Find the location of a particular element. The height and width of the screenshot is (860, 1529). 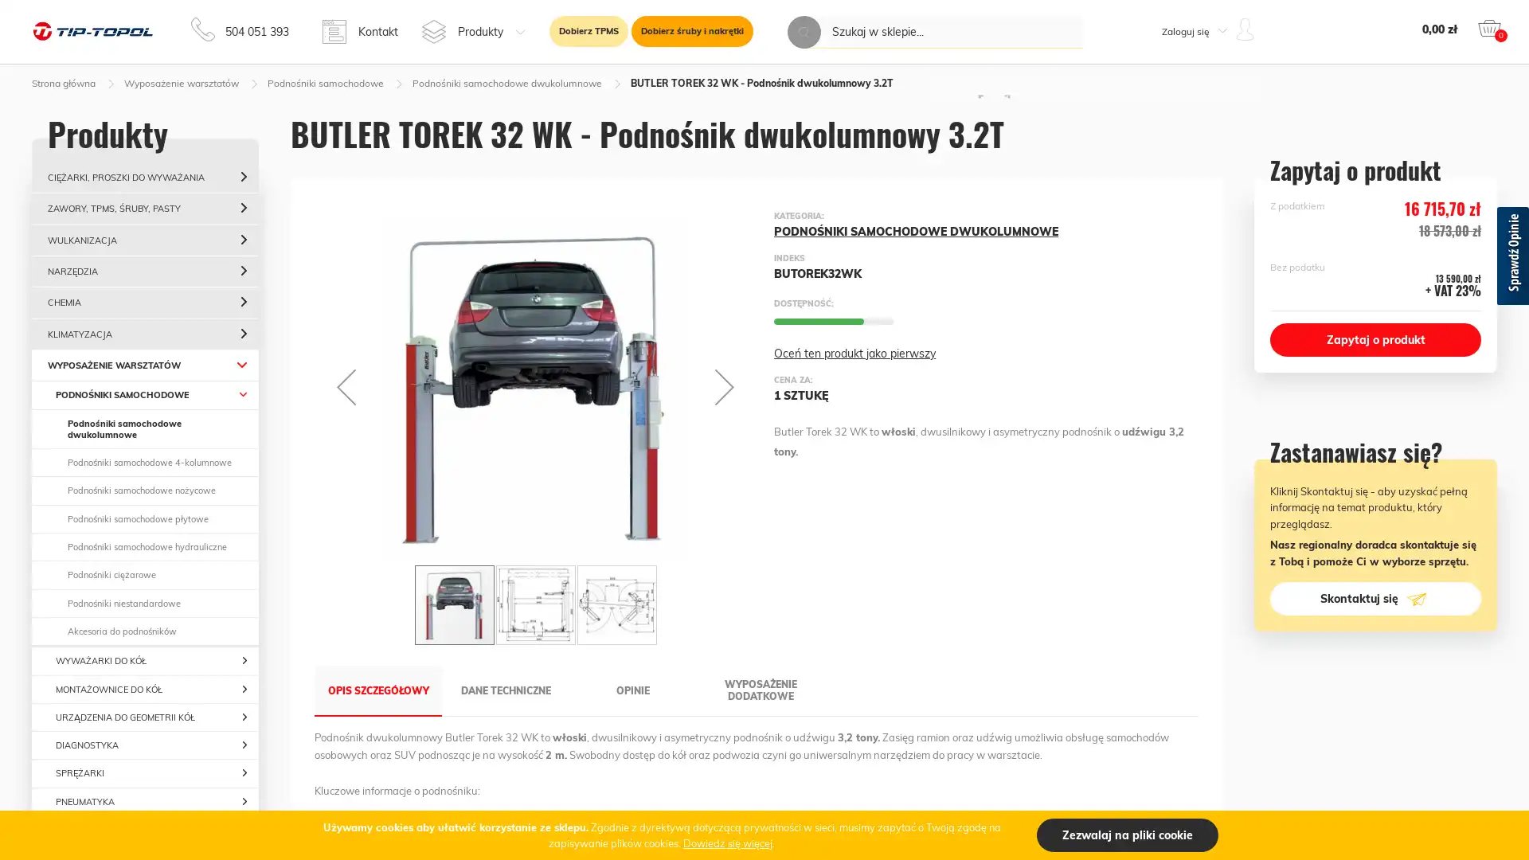

BUTLER TOREK 32 WK - Podnosnik dwukolumnowy 3.2T is located at coordinates (615, 604).